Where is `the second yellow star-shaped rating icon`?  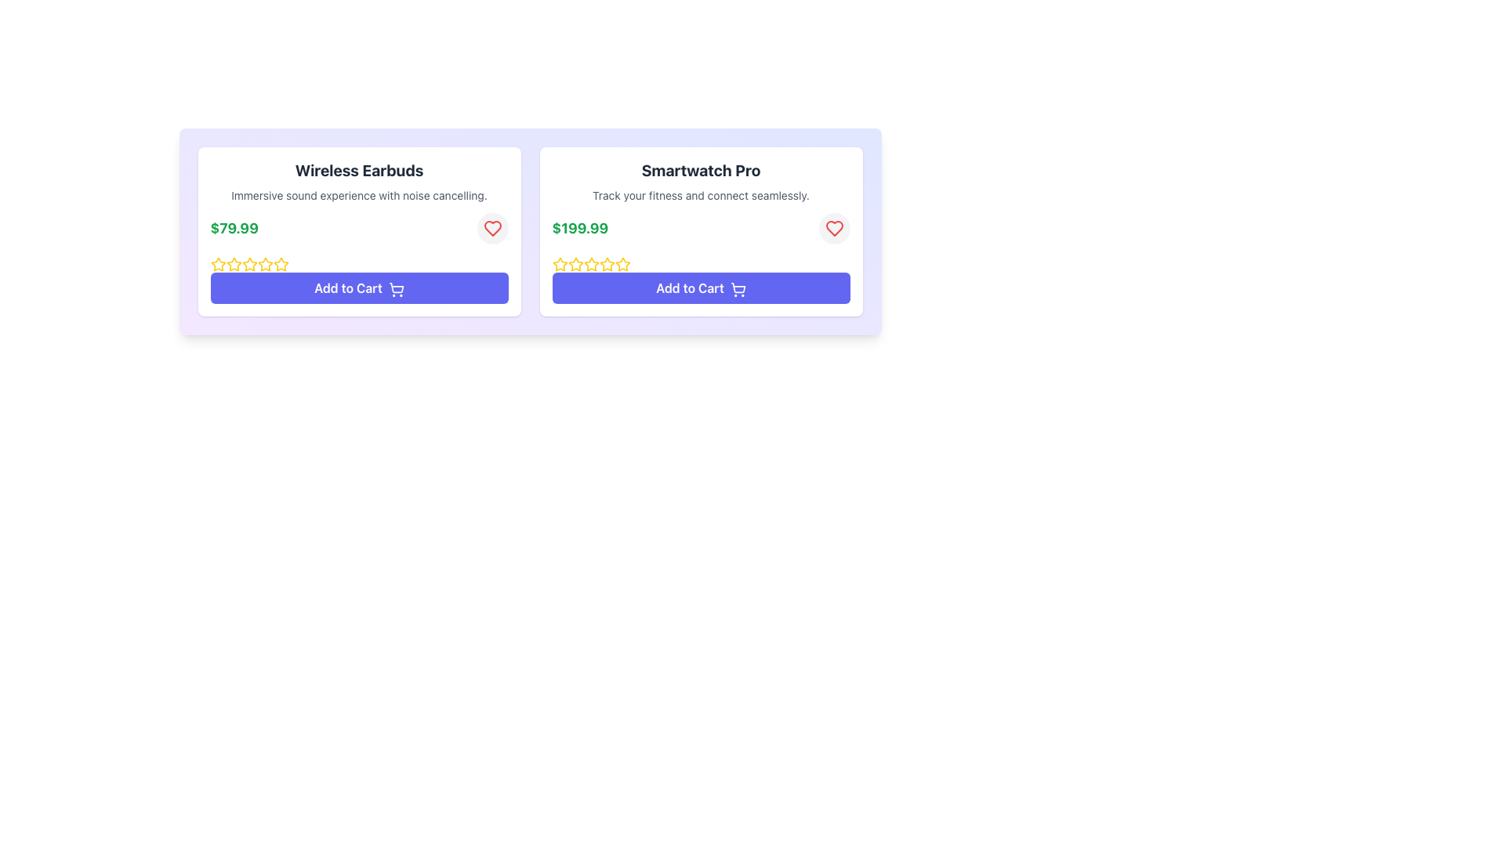
the second yellow star-shaped rating icon is located at coordinates (265, 263).